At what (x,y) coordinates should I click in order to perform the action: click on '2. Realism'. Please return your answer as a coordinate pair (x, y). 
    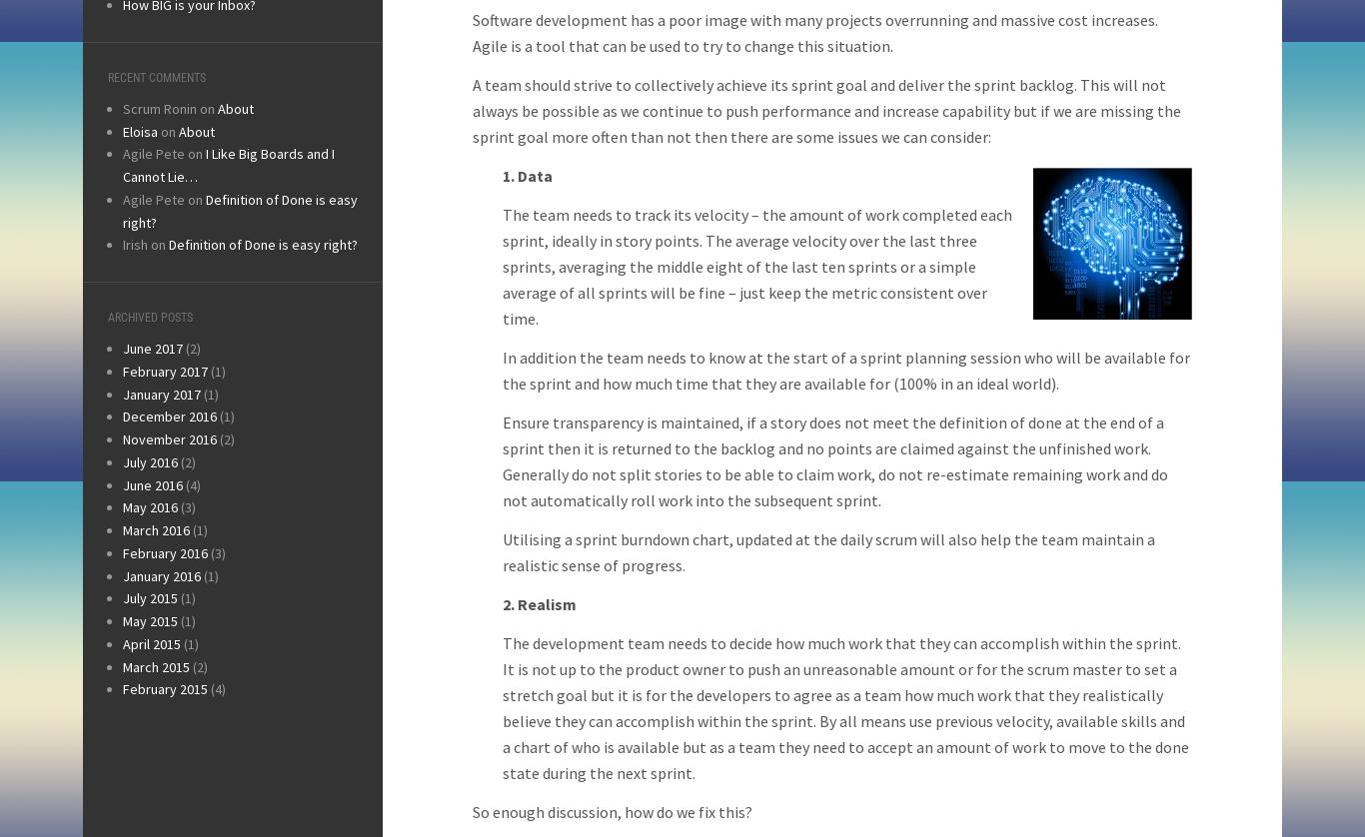
    Looking at the image, I should click on (539, 604).